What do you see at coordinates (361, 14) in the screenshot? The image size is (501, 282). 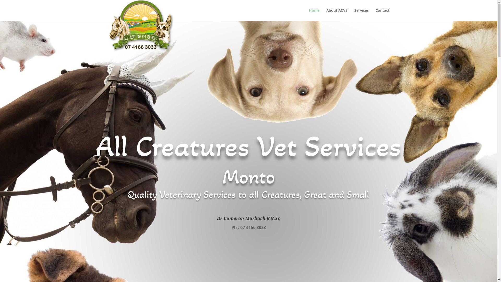 I see `'Services'` at bounding box center [361, 14].